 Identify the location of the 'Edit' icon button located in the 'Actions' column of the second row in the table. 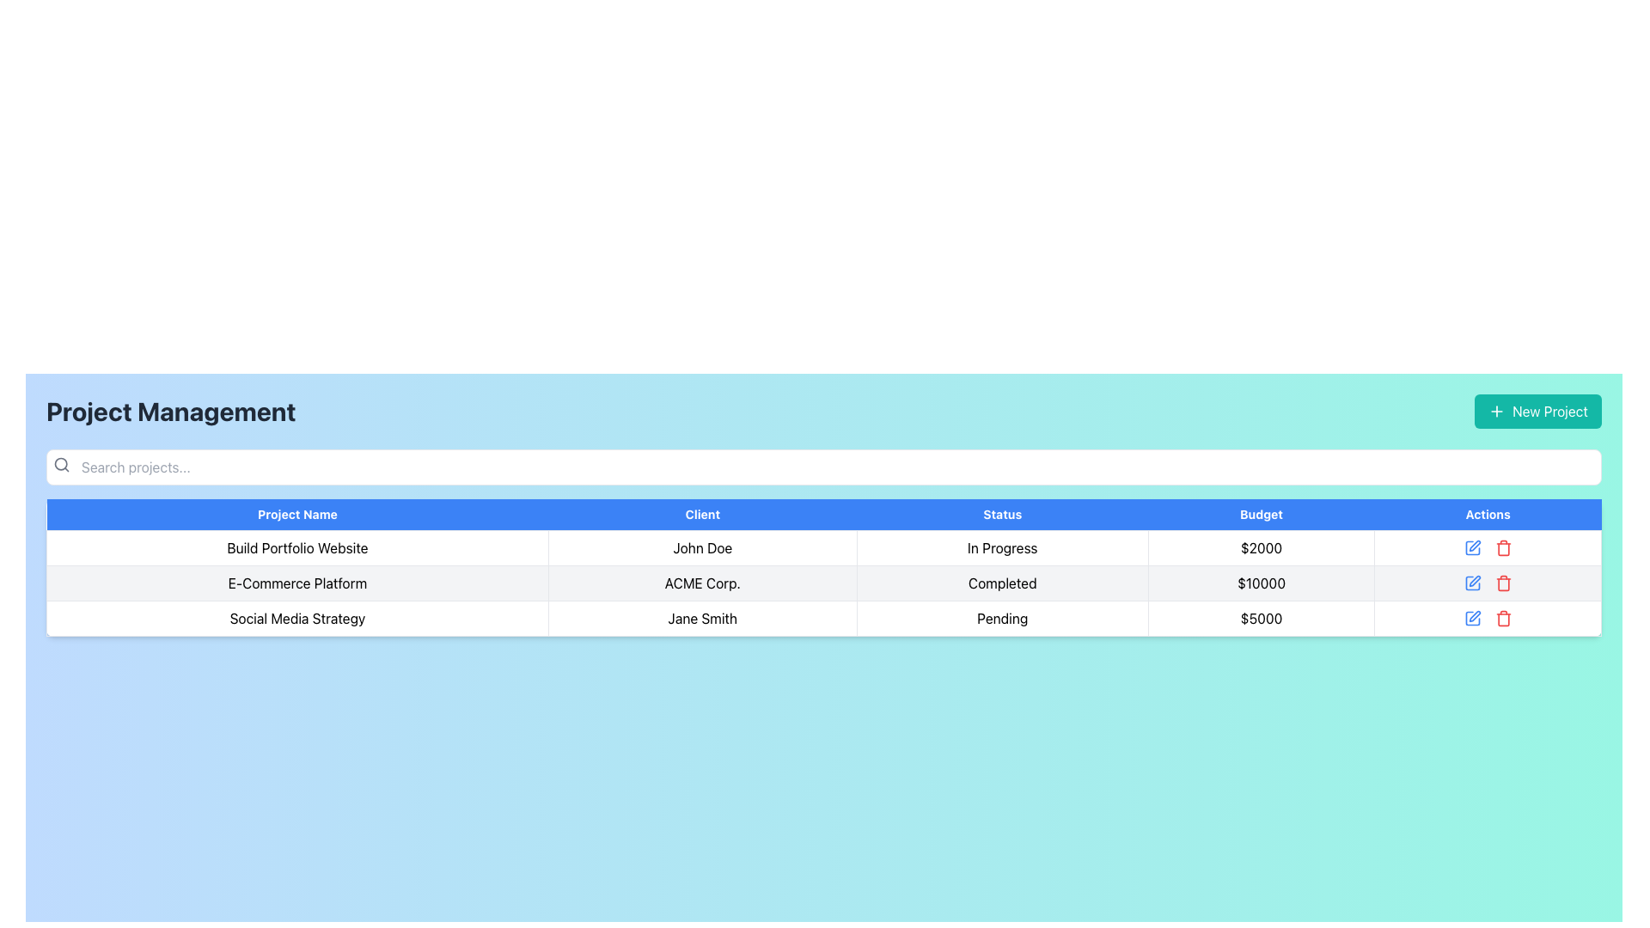
(1474, 580).